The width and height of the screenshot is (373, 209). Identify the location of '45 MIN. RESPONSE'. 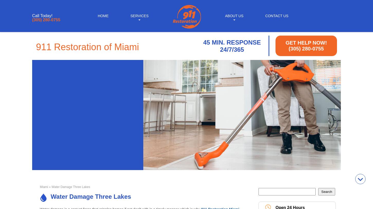
(232, 42).